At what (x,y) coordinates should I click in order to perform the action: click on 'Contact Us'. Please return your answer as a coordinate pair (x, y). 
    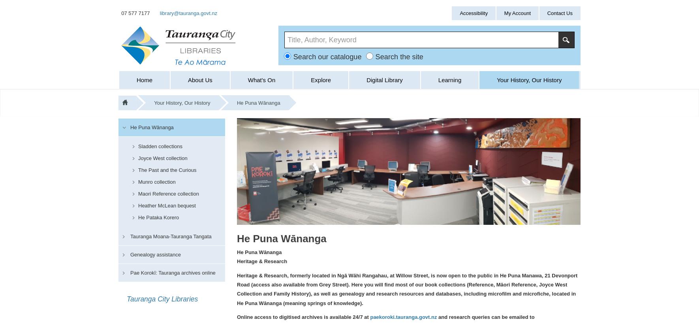
    Looking at the image, I should click on (560, 13).